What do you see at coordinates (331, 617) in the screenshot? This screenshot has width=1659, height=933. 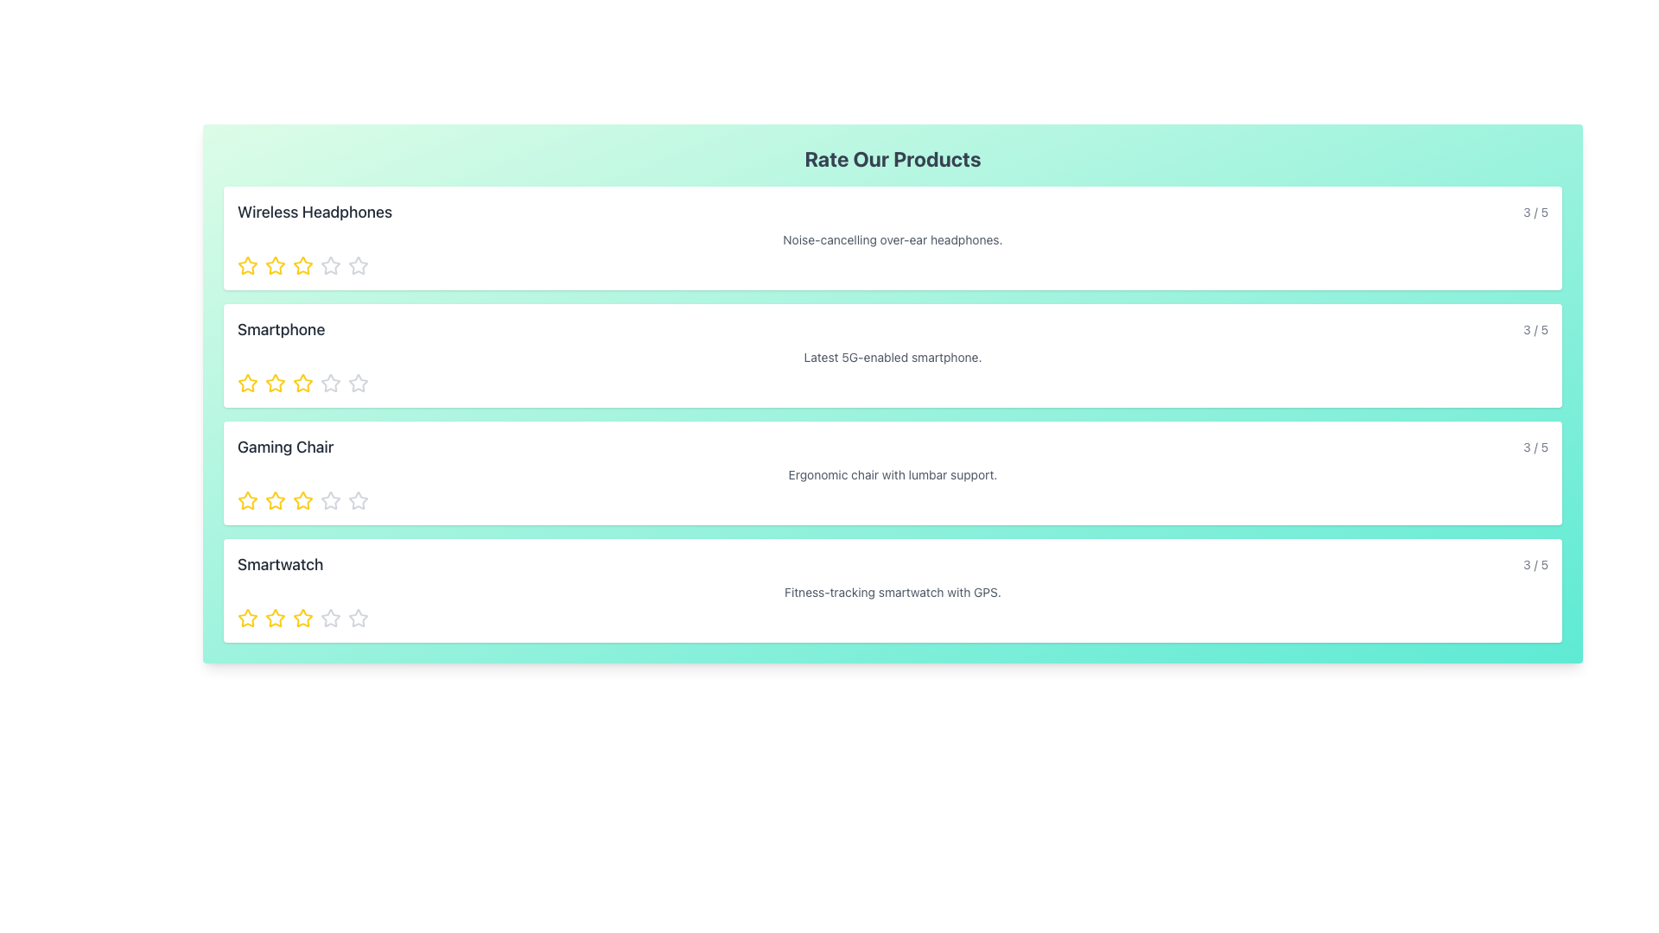 I see `to the fourth Rating Star Icon in the product rating section for 'Smartwatch'` at bounding box center [331, 617].